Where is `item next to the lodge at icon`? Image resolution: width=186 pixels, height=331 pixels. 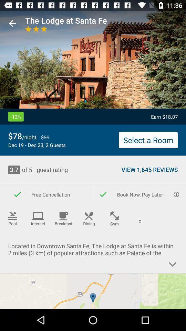
item next to the lodge at icon is located at coordinates (12, 23).